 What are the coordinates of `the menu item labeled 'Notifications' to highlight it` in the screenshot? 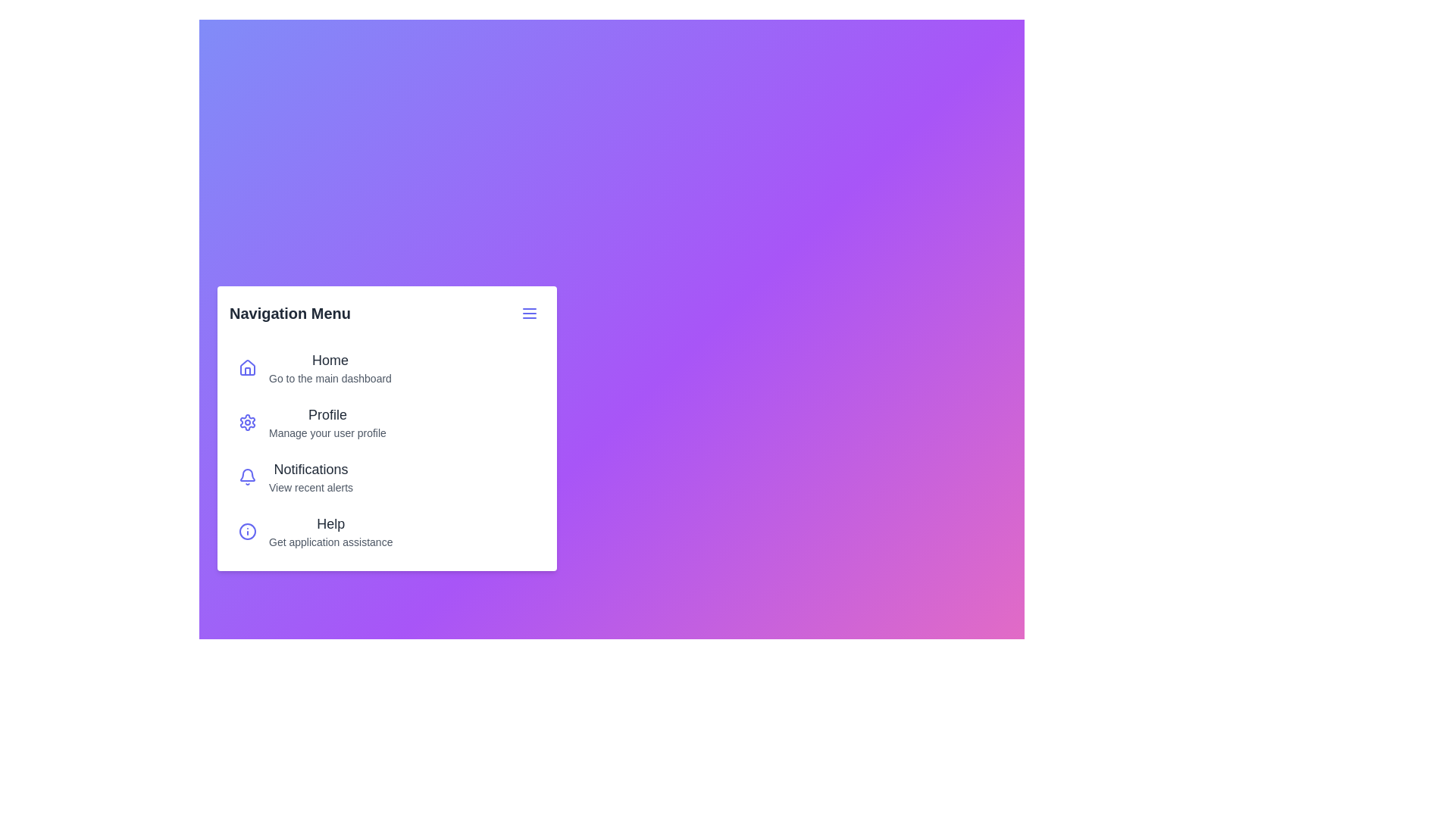 It's located at (247, 476).